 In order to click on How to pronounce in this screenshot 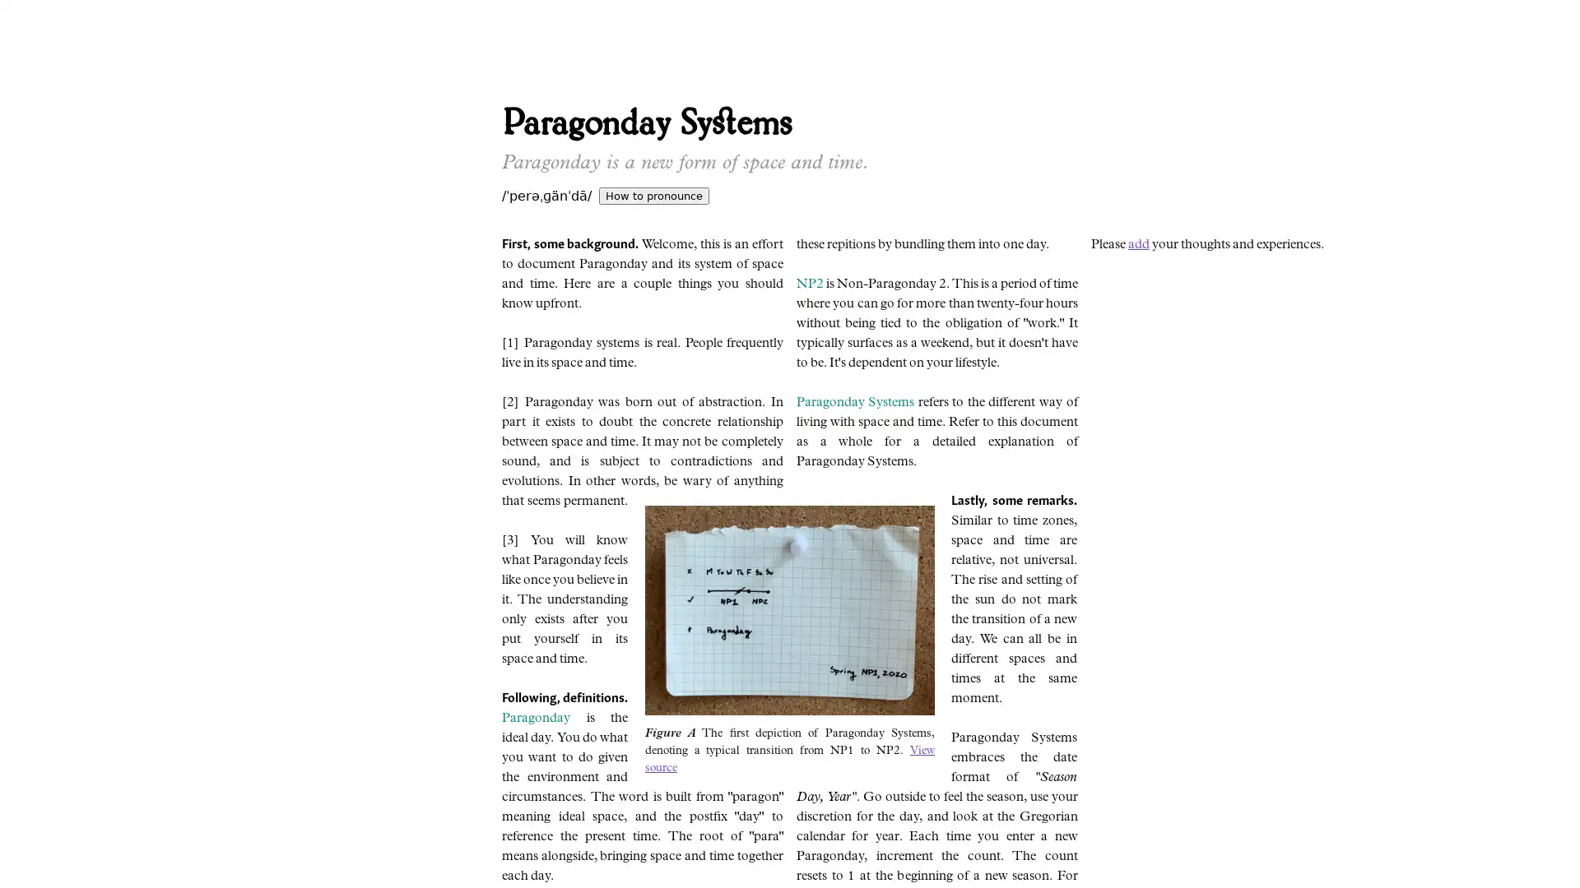, I will do `click(653, 195)`.